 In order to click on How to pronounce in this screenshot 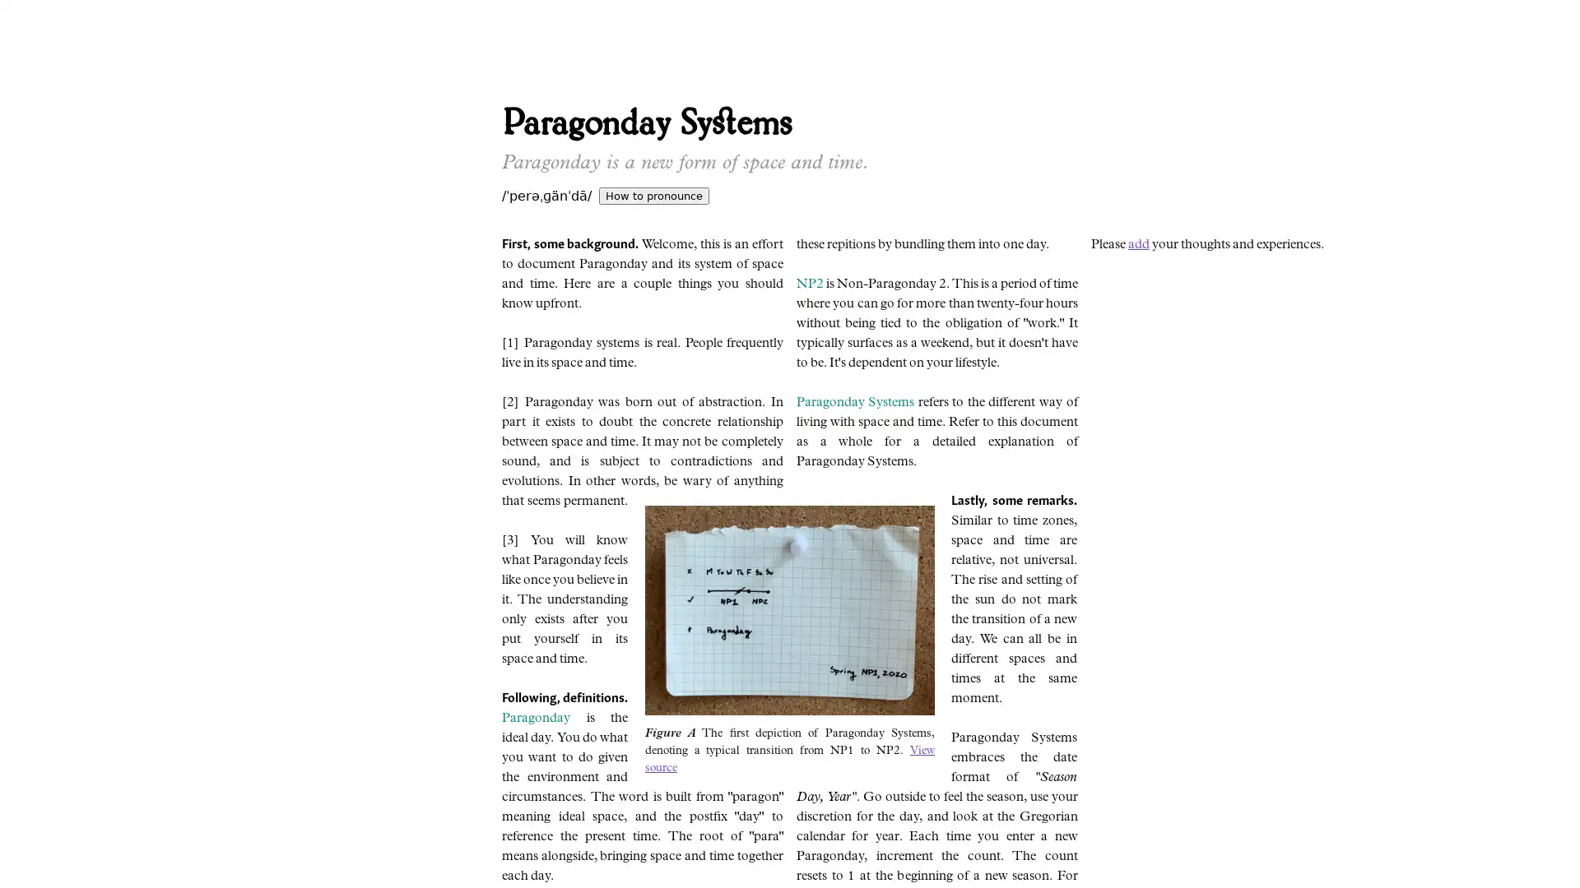, I will do `click(653, 195)`.